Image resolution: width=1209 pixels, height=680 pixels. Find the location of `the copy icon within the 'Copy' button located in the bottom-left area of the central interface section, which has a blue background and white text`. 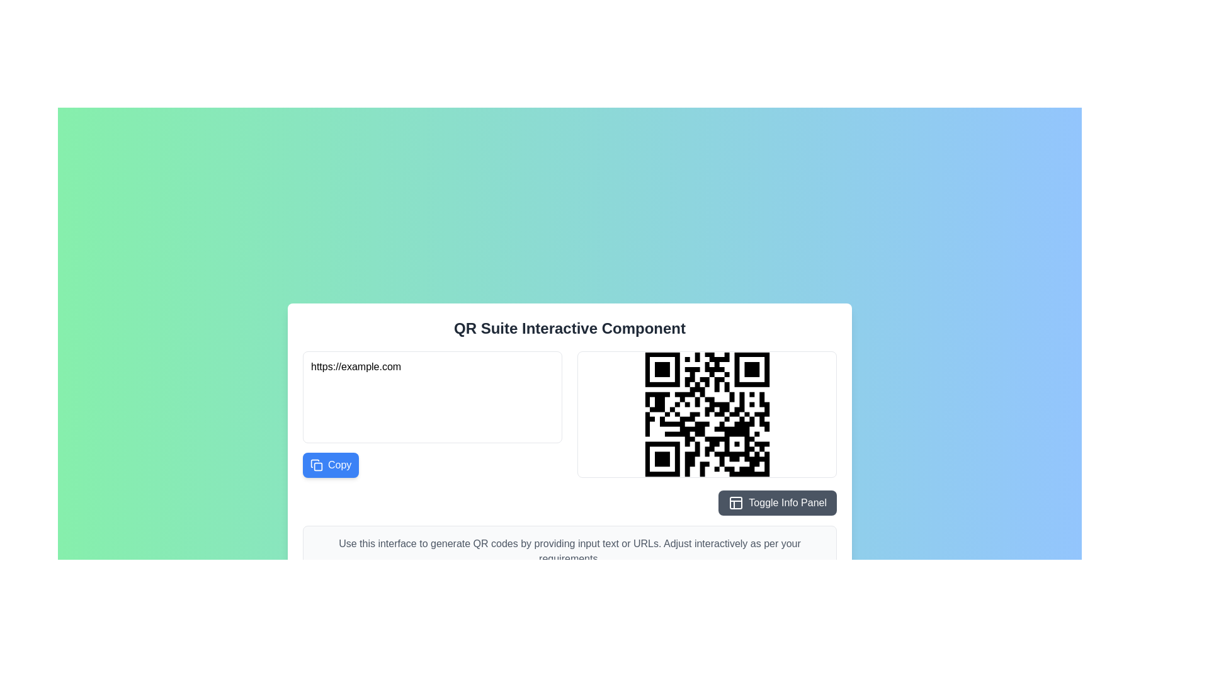

the copy icon within the 'Copy' button located in the bottom-left area of the central interface section, which has a blue background and white text is located at coordinates (317, 465).